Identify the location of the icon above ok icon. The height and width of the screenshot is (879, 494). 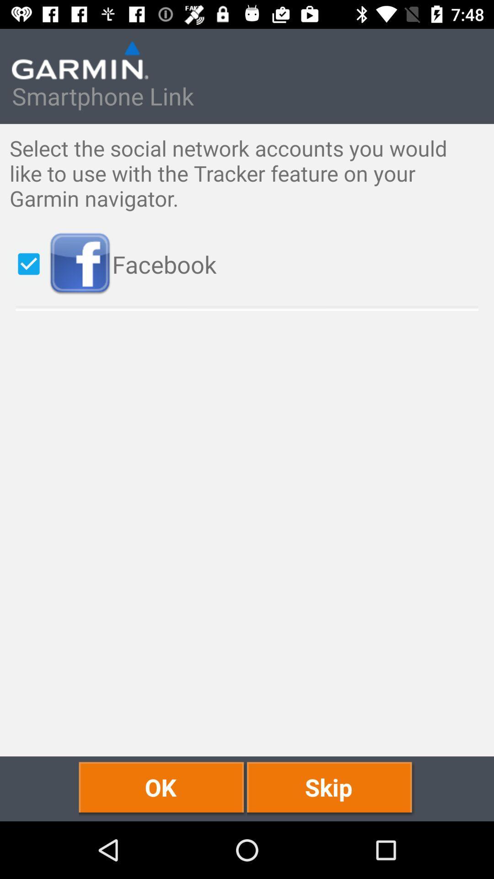
(266, 264).